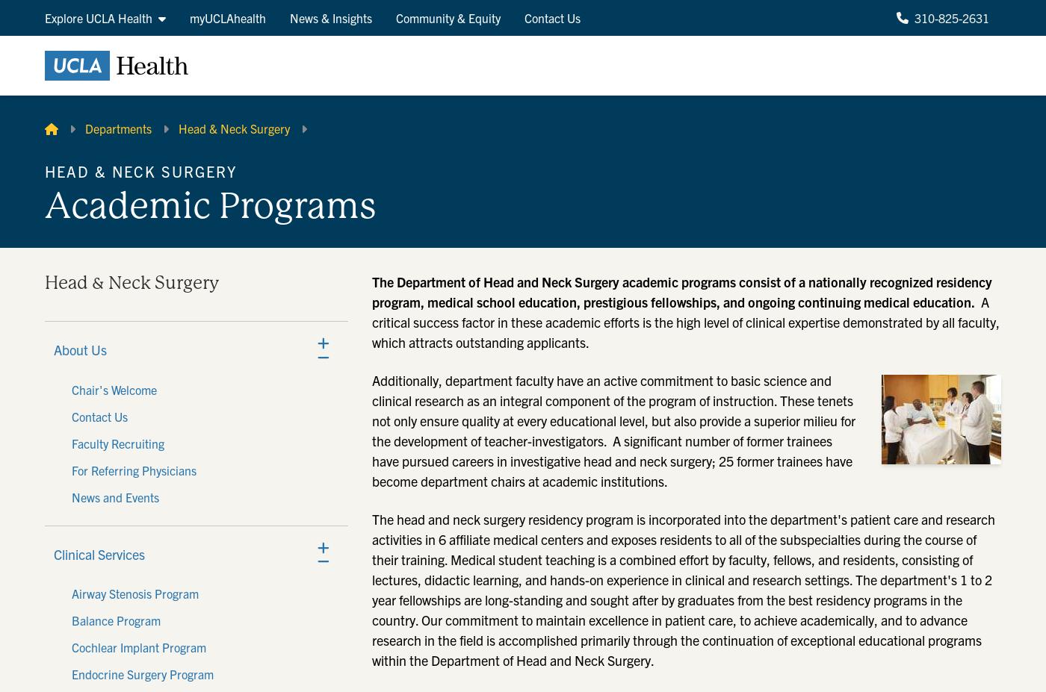  I want to click on 'Balance Program', so click(116, 620).